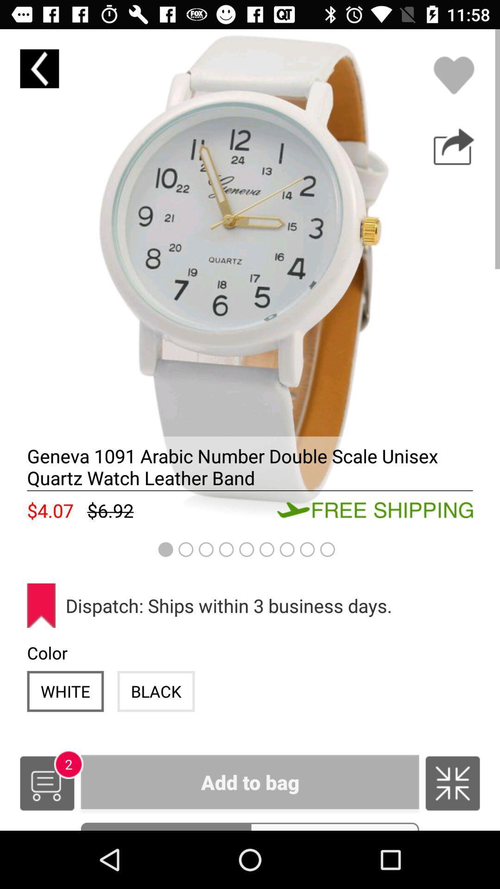  Describe the element at coordinates (452, 783) in the screenshot. I see `the national_flag icon` at that location.